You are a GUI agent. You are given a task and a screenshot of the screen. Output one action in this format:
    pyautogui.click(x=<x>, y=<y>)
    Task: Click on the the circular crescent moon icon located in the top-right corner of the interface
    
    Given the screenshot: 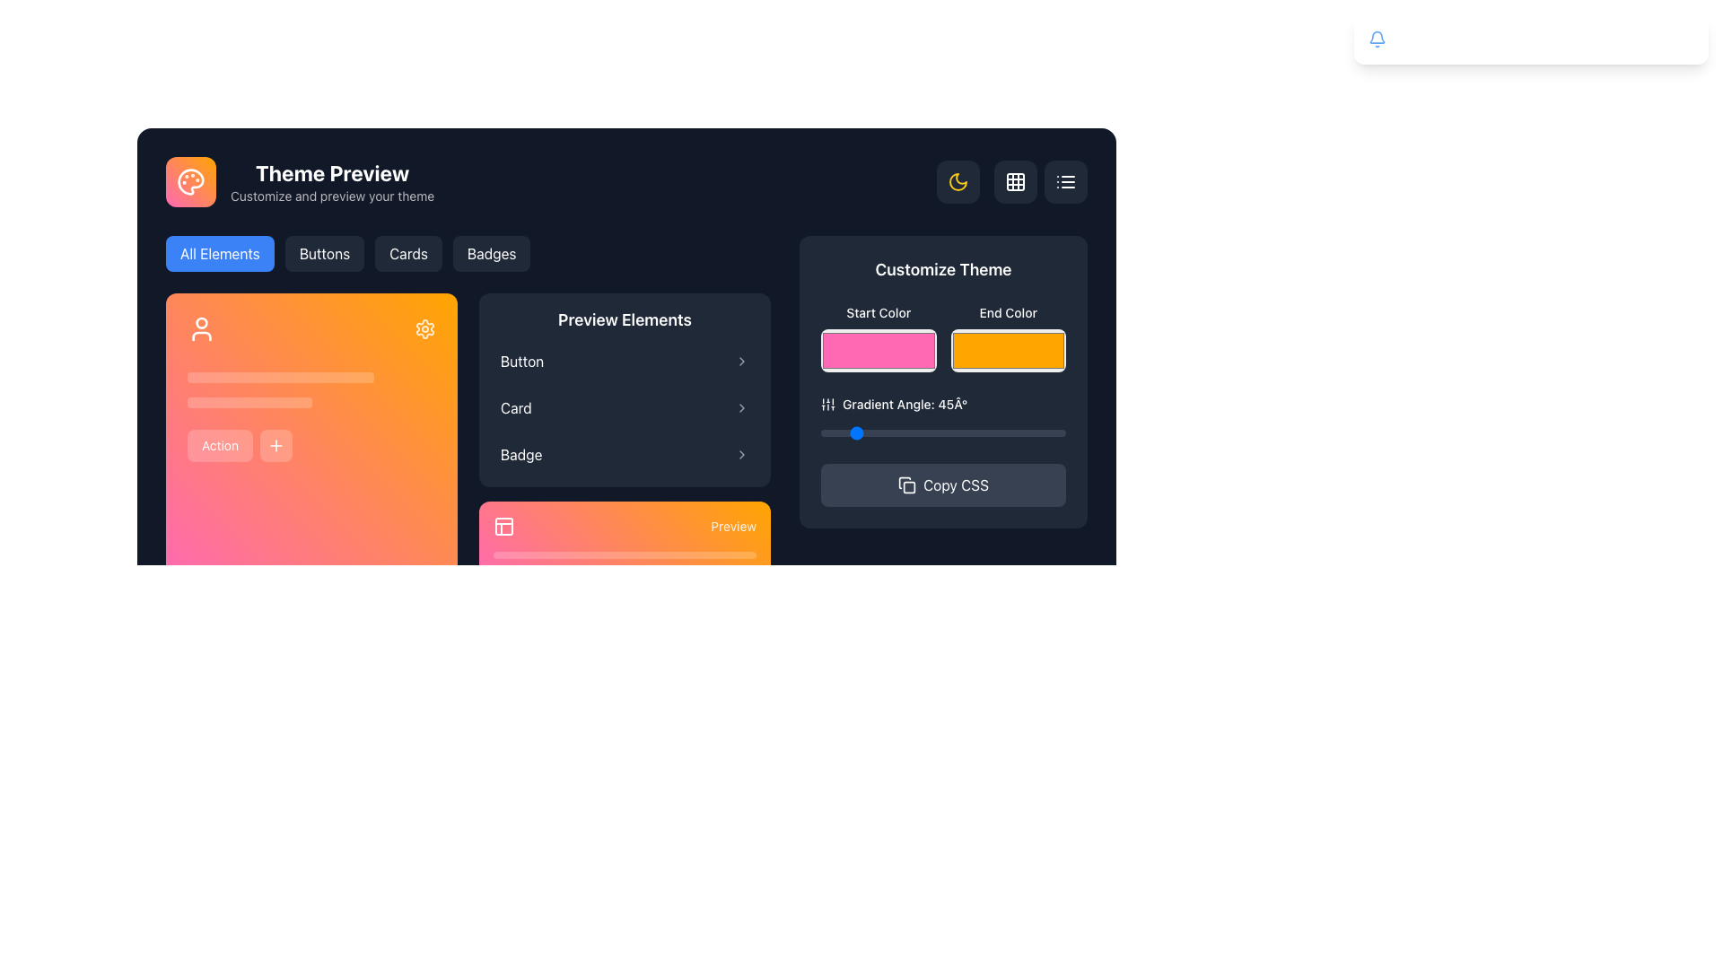 What is the action you would take?
    pyautogui.click(x=958, y=182)
    